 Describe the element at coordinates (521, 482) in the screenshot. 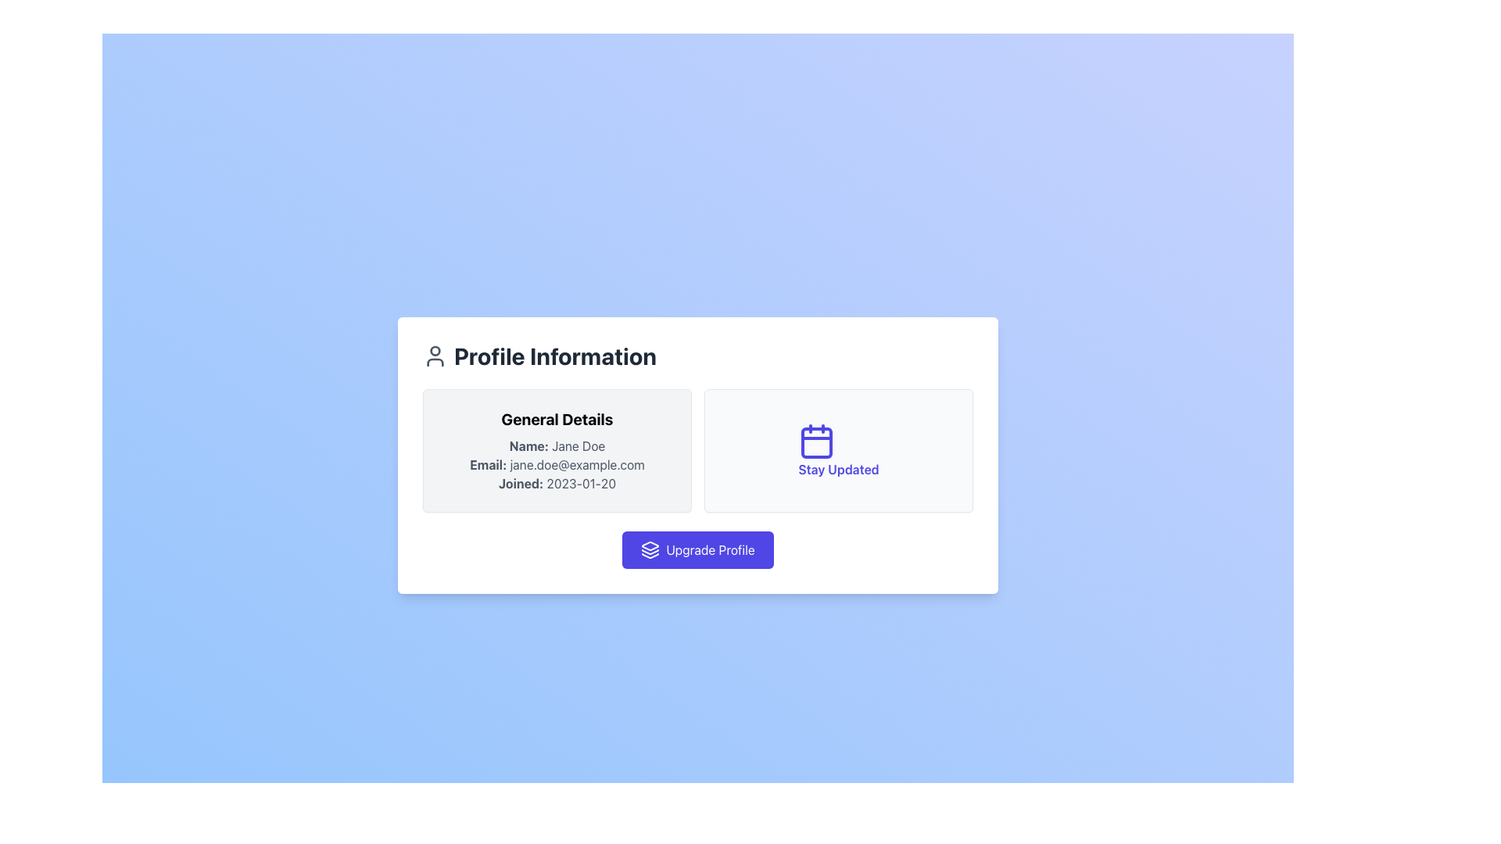

I see `the 'Joined:' label in the 'General Details' section, which is aligned to the left of the card and precedes the date field` at that location.